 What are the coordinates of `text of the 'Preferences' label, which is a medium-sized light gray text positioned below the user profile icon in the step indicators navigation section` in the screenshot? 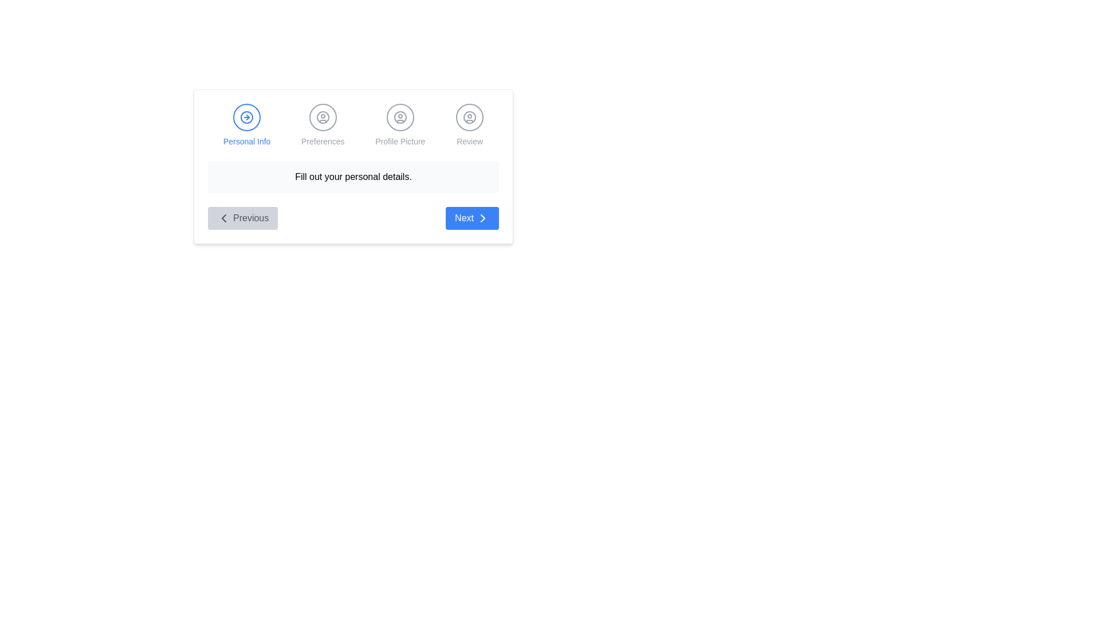 It's located at (322, 140).